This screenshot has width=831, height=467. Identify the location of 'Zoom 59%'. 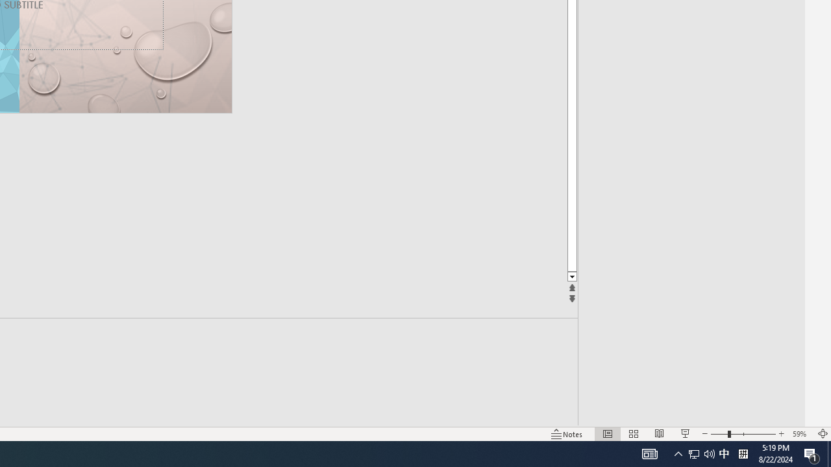
(800, 434).